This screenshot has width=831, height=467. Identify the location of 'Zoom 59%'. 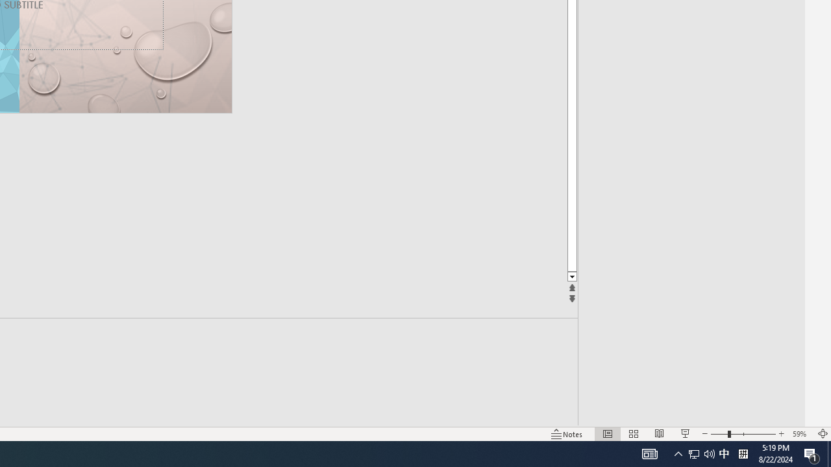
(800, 434).